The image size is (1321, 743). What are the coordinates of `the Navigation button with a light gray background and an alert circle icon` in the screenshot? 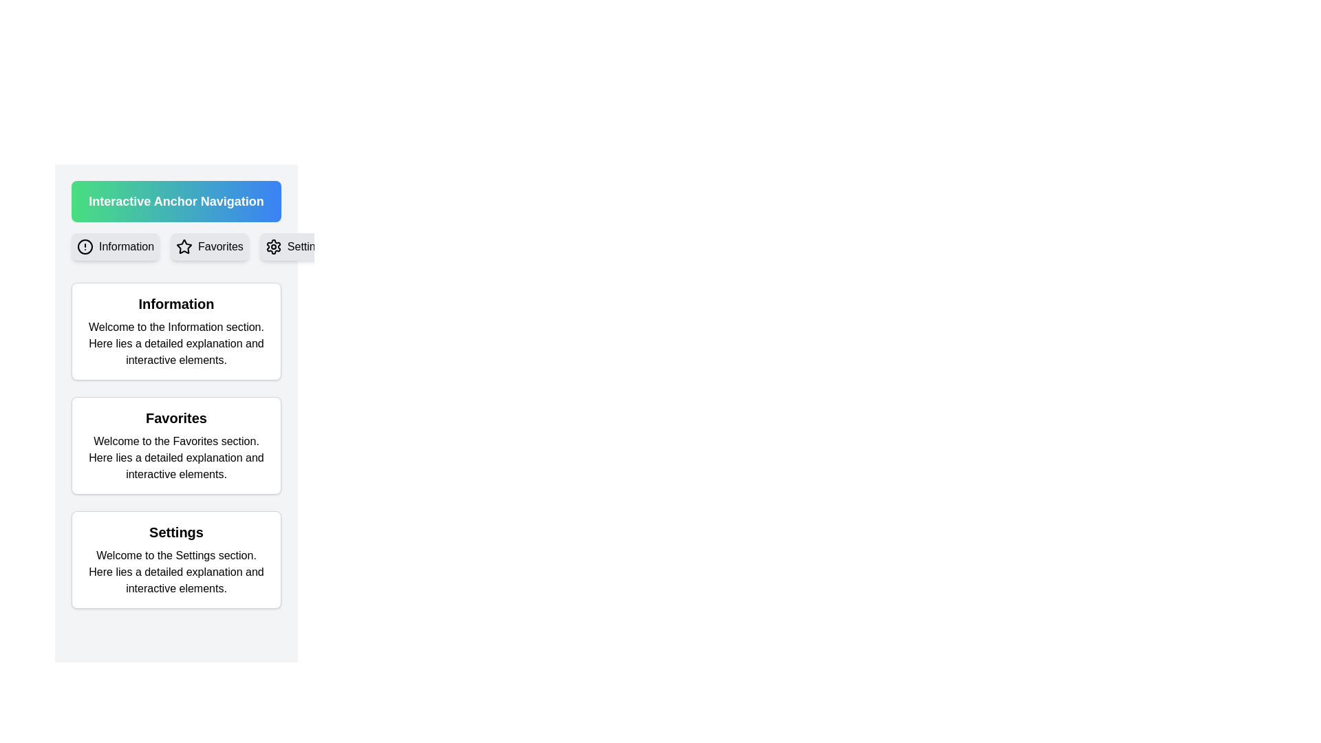 It's located at (116, 246).